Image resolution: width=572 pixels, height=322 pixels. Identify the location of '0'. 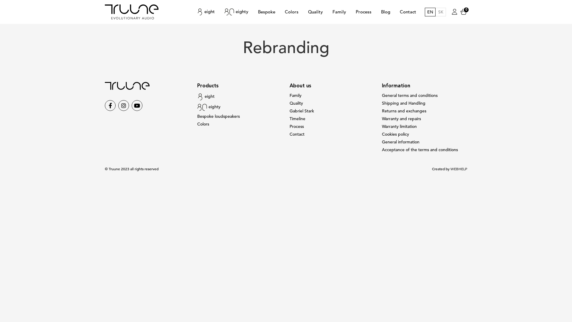
(463, 12).